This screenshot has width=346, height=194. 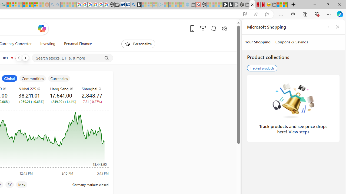 I want to click on 'Cheap Car Rentals - Save70.com', so click(x=127, y=5).